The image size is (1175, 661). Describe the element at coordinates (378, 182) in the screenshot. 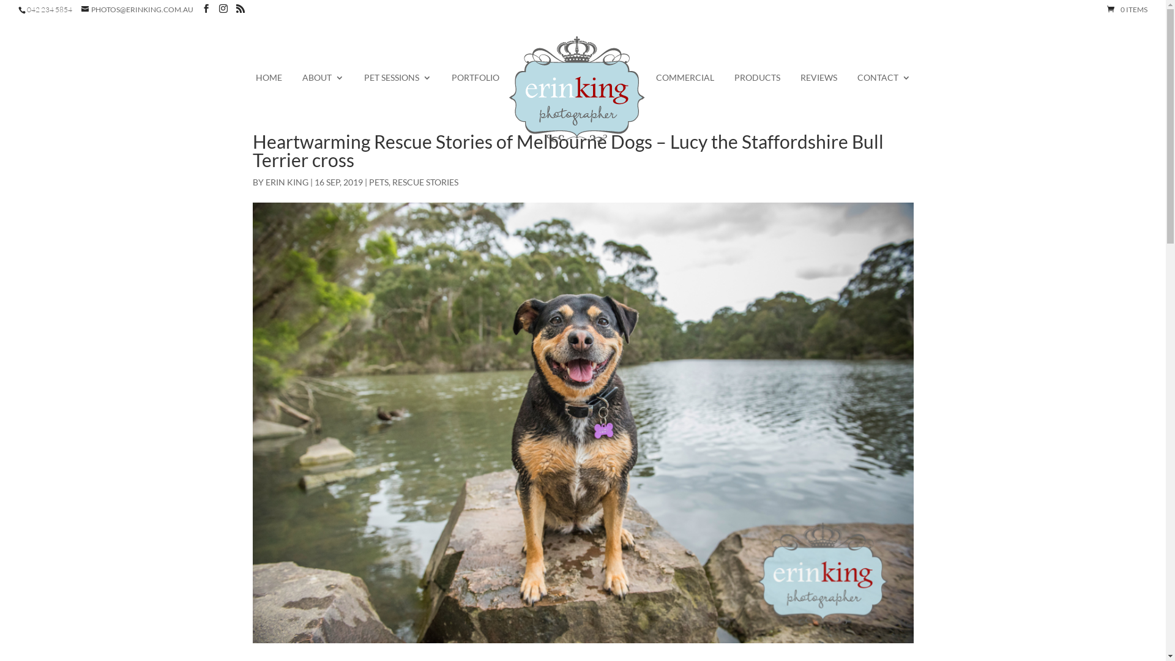

I see `'PETS'` at that location.